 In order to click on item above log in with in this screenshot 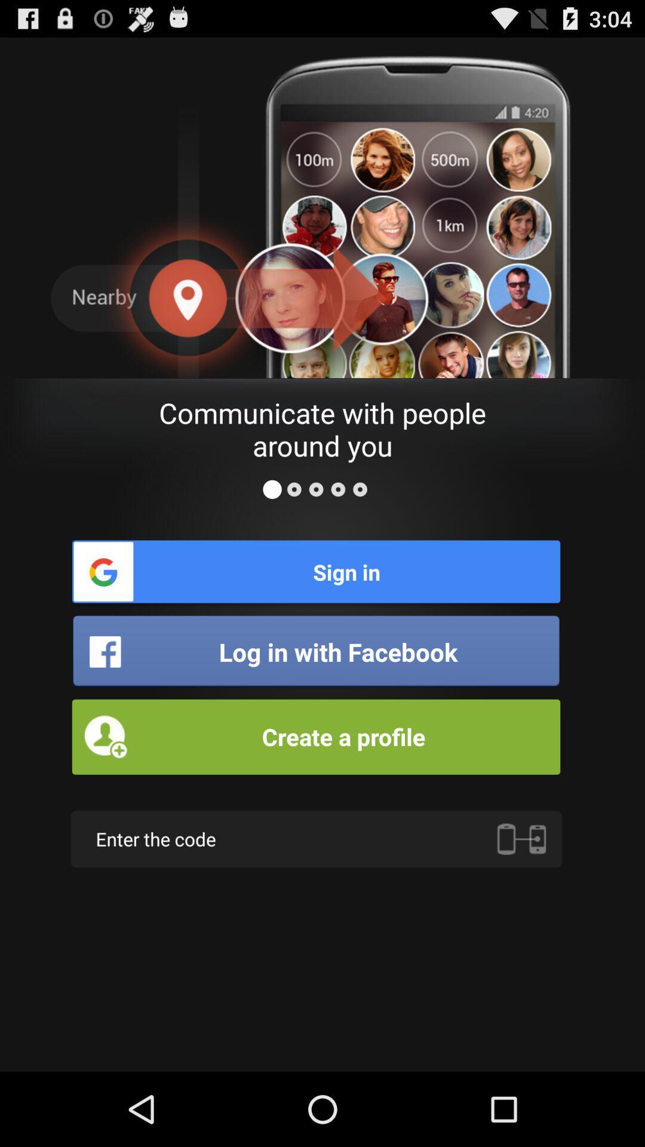, I will do `click(315, 571)`.